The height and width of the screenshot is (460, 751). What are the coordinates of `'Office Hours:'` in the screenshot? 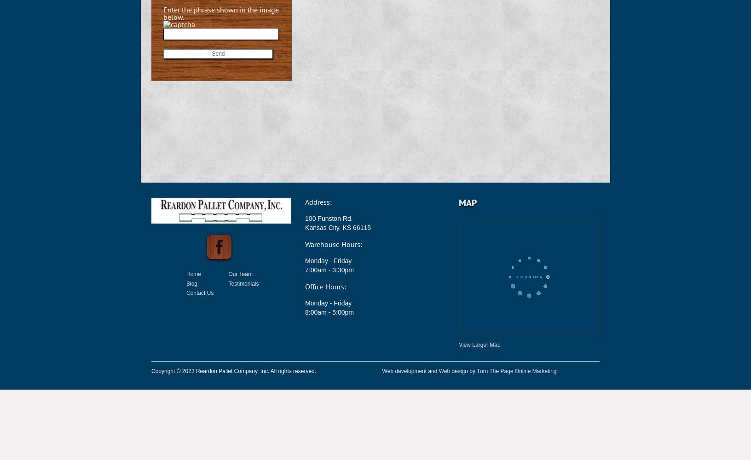 It's located at (325, 286).